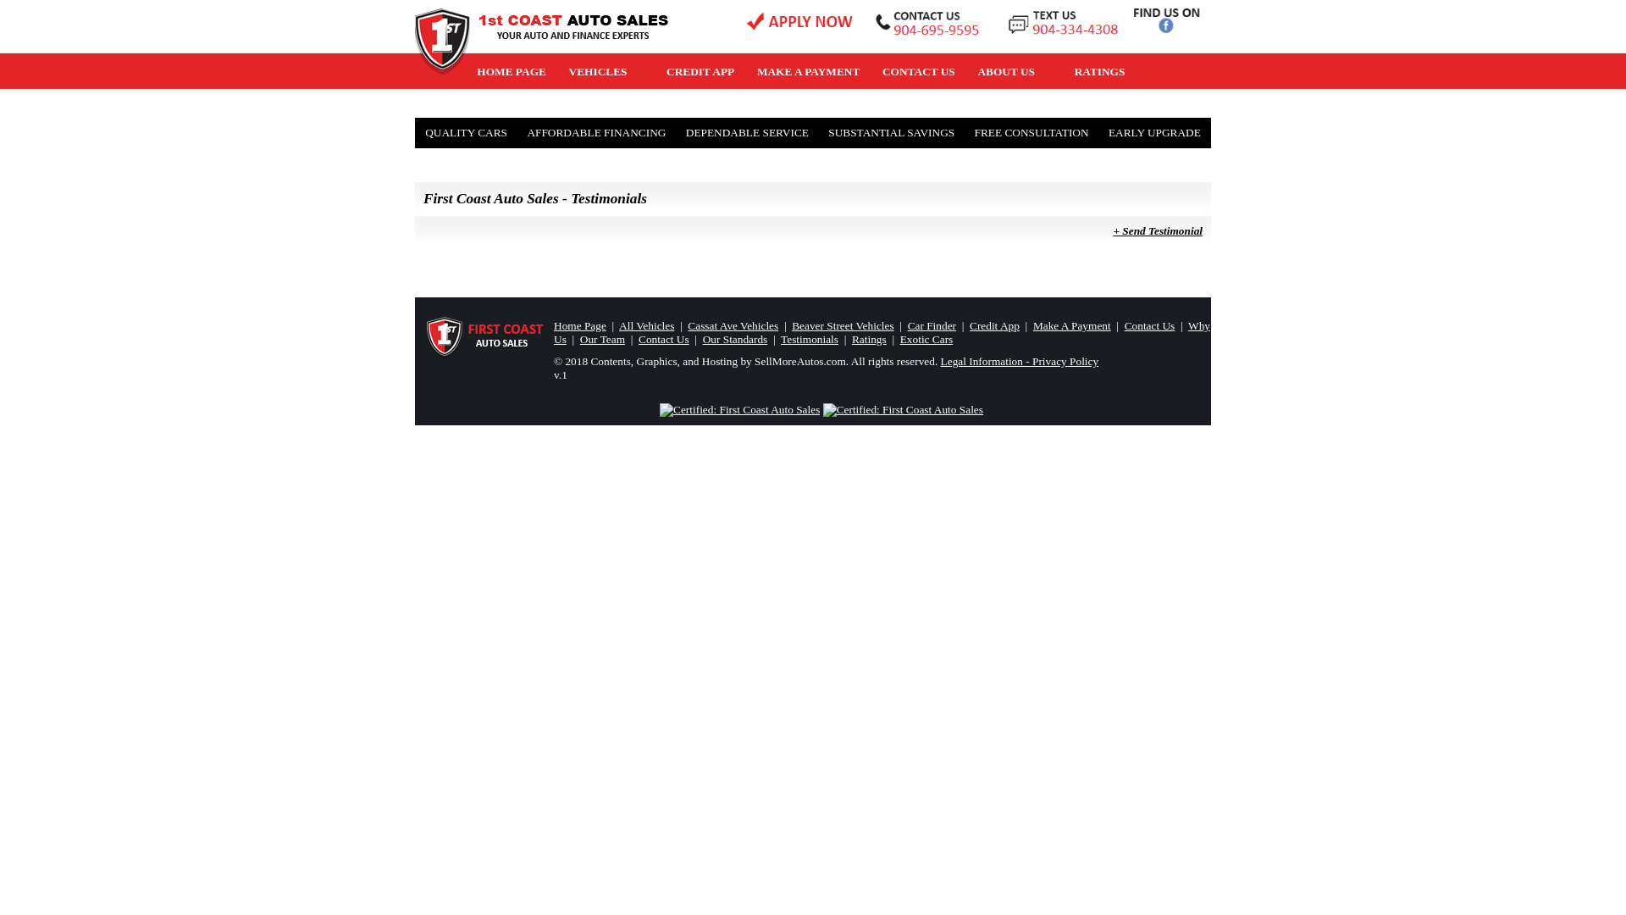  Describe the element at coordinates (994, 325) in the screenshot. I see `'Credit App'` at that location.